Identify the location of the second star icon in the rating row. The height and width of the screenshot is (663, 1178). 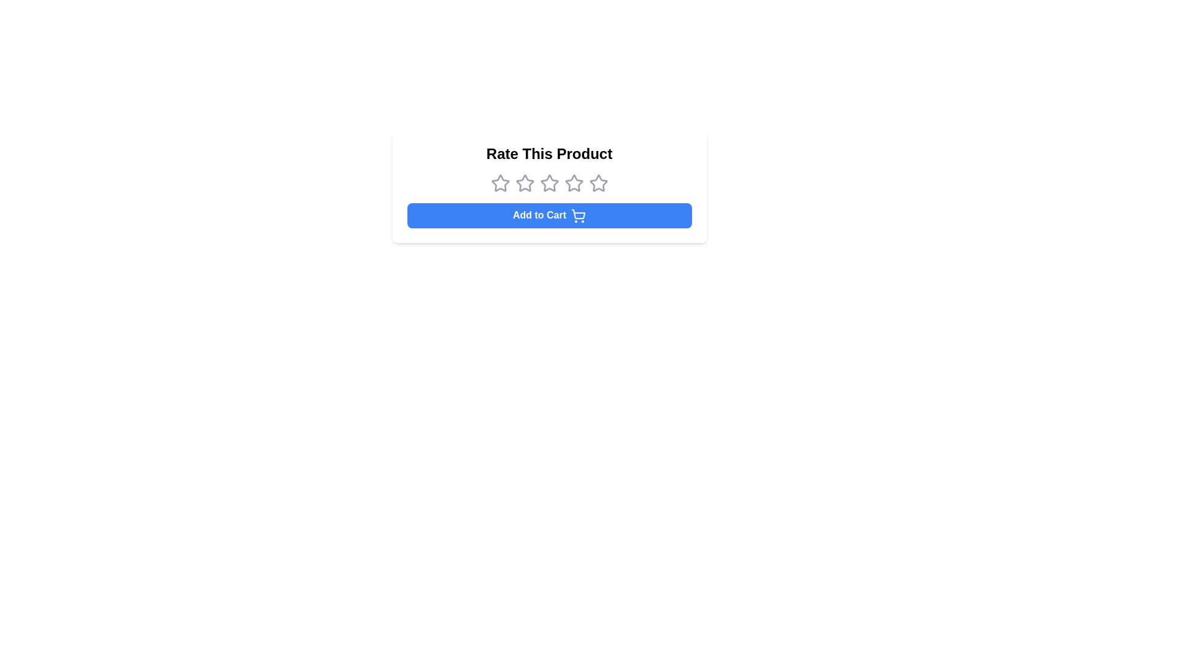
(525, 183).